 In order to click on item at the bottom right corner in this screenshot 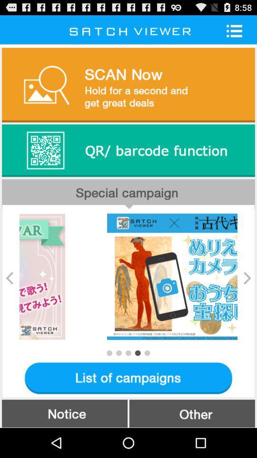, I will do `click(192, 413)`.